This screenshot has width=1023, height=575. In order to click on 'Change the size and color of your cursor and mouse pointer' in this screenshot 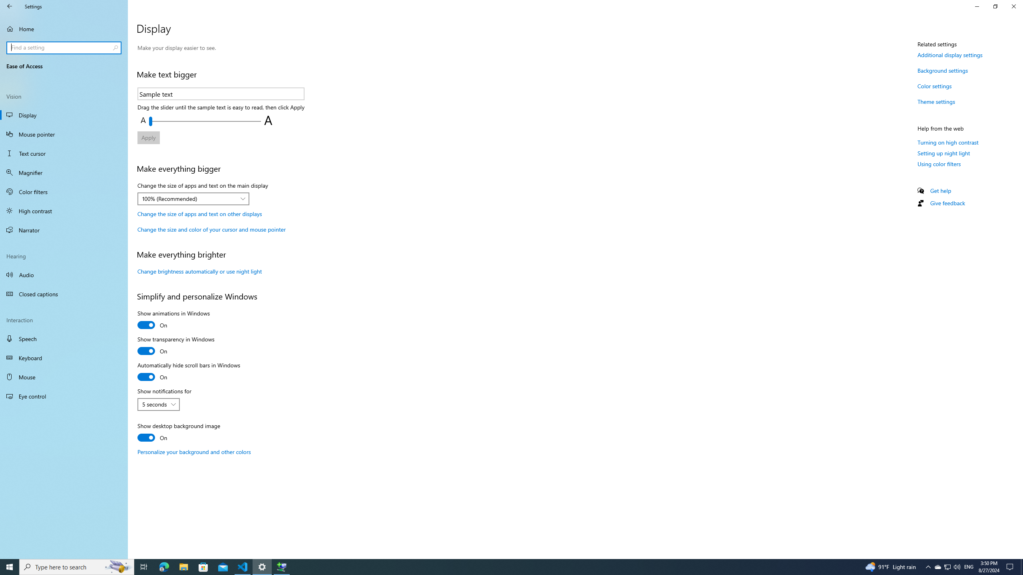, I will do `click(211, 229)`.